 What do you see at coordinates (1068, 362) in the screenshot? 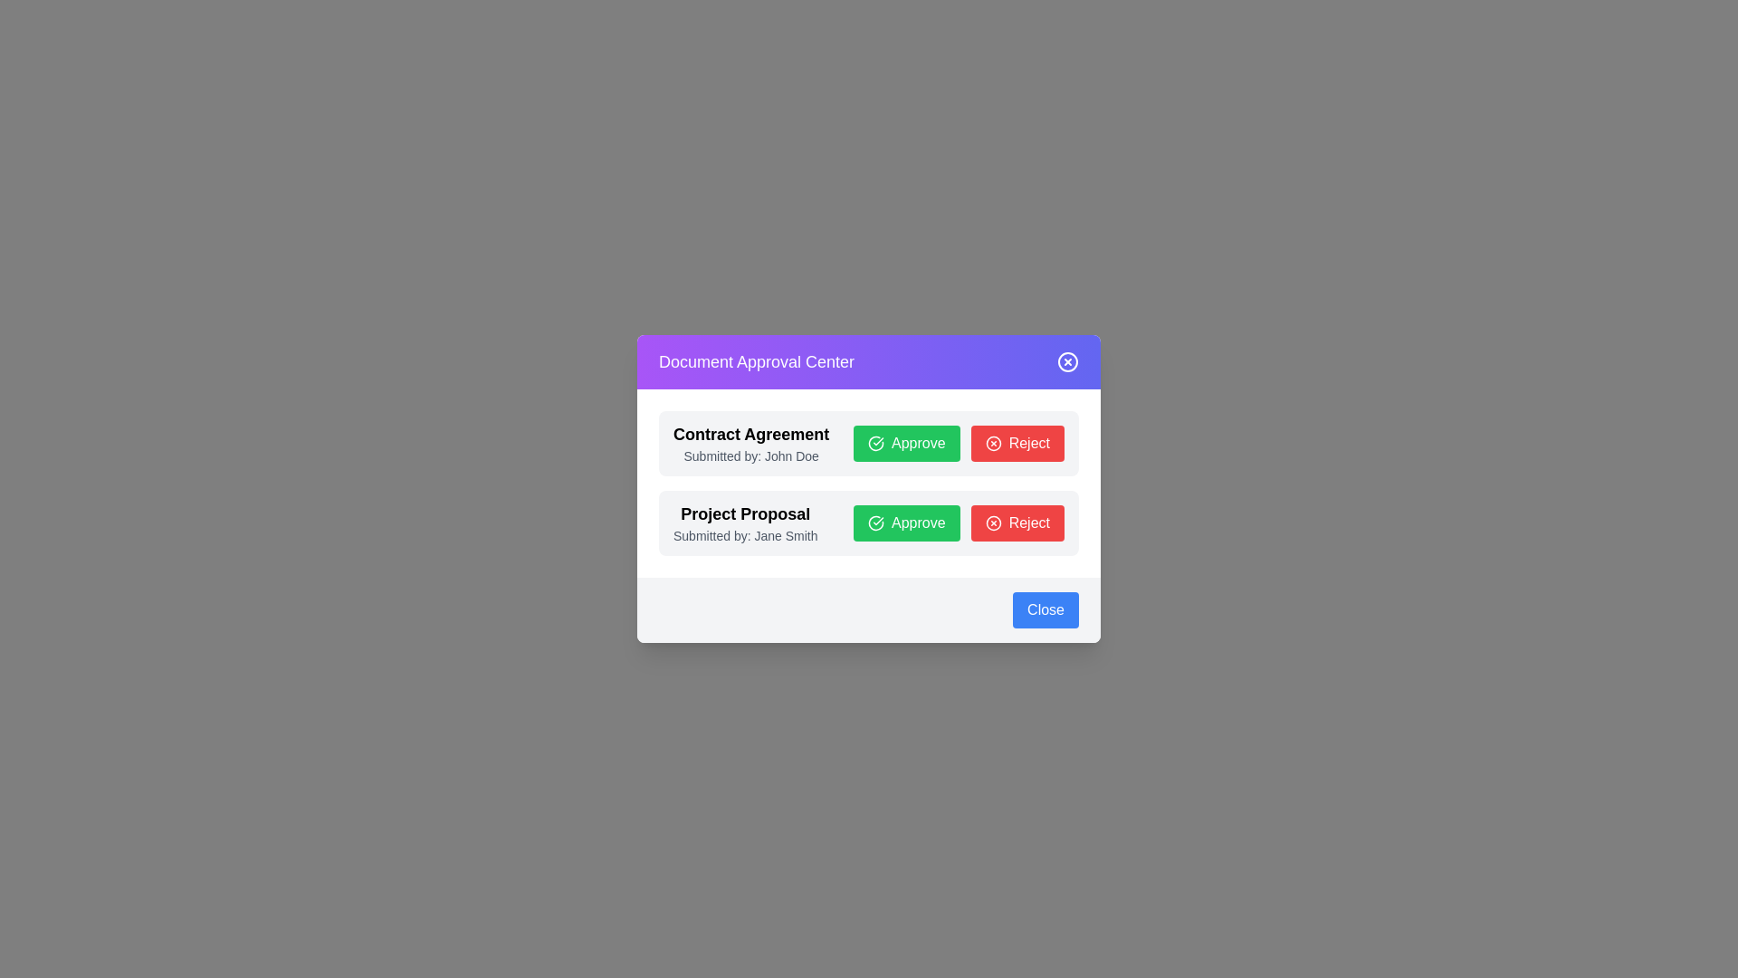
I see `the circular outline icon located at the top-right corner of the modal interface to trigger visual feedback` at bounding box center [1068, 362].